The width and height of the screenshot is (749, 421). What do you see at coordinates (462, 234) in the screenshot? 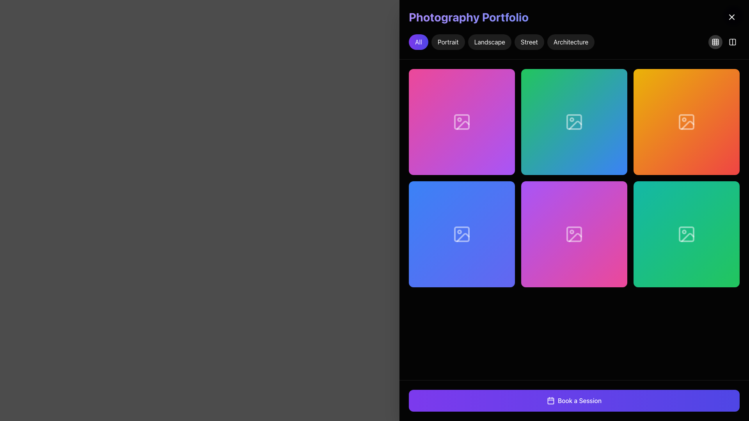
I see `the non-interactive SVG rectangle component located at the center of the blue square tile in the second row, first column of the grid` at bounding box center [462, 234].